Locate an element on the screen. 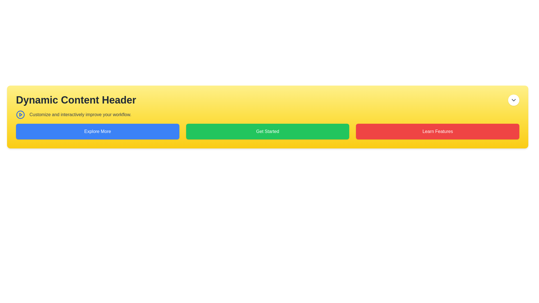 The height and width of the screenshot is (303, 539). the green 'Get Started' button to observe the hover effect is located at coordinates (267, 132).